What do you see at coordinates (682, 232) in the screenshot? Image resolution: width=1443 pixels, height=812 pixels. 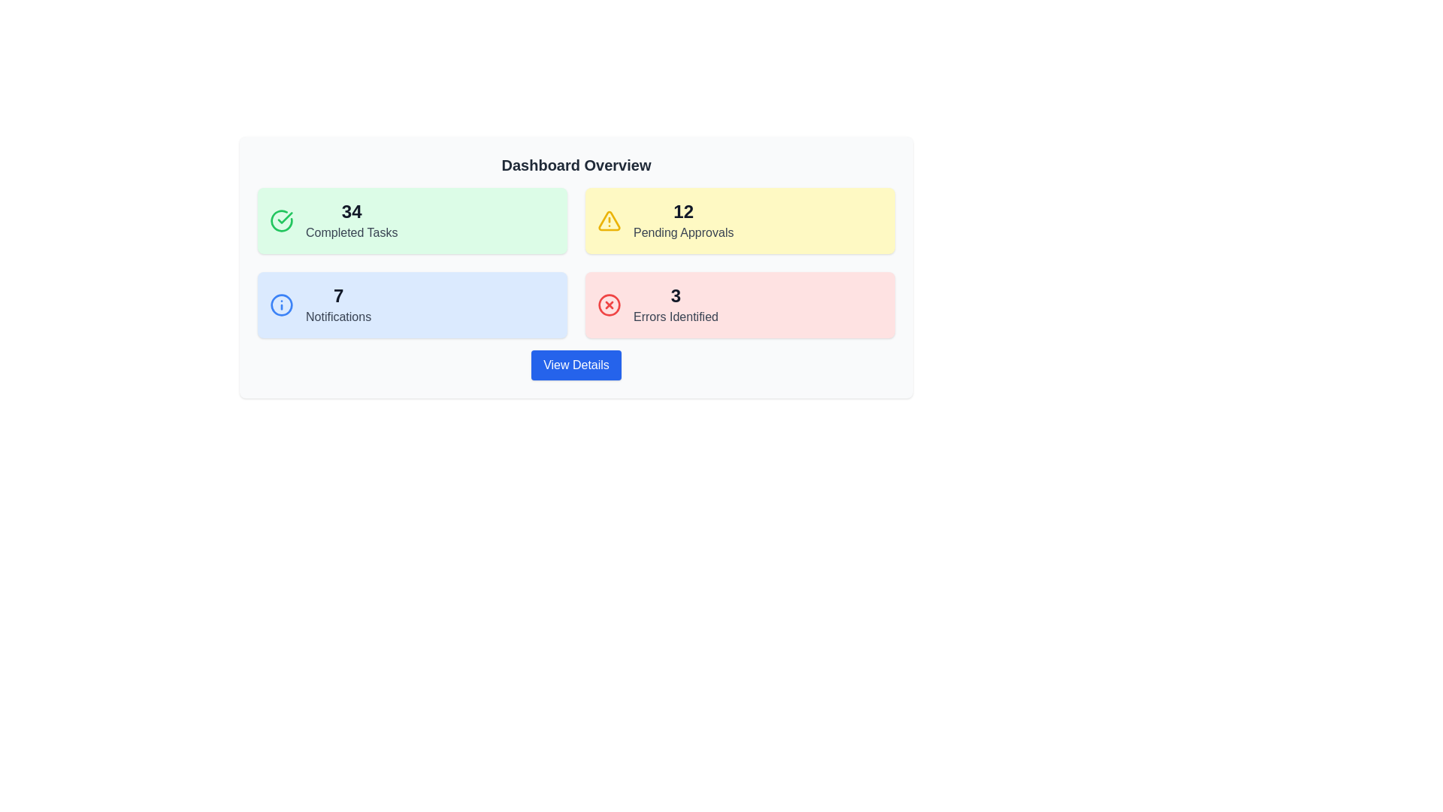 I see `the text label displaying 'Pending Approvals' located below the number '12' in the yellow rectangular card on the dashboard interface` at bounding box center [682, 232].